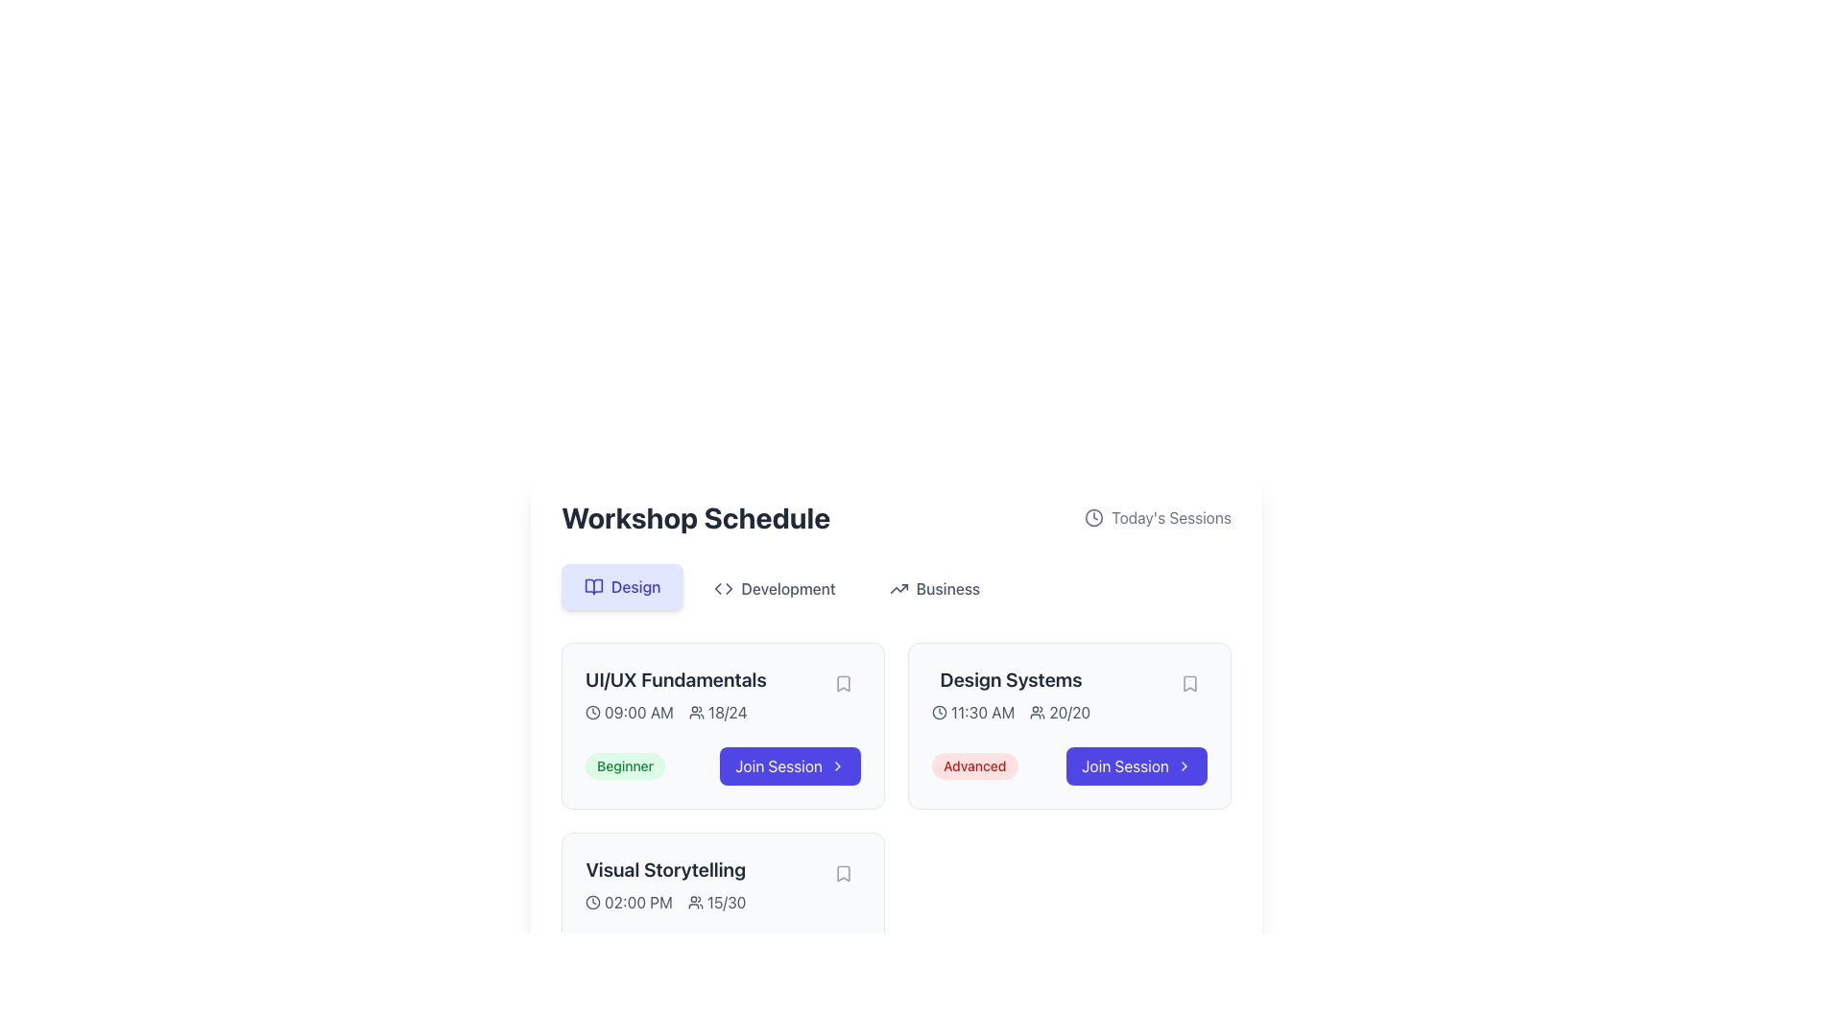 This screenshot has width=1843, height=1036. I want to click on the bookmark-shaped icon button located in the bottom-right corner of the 'Visual Storytelling' workshop card, so click(843, 873).